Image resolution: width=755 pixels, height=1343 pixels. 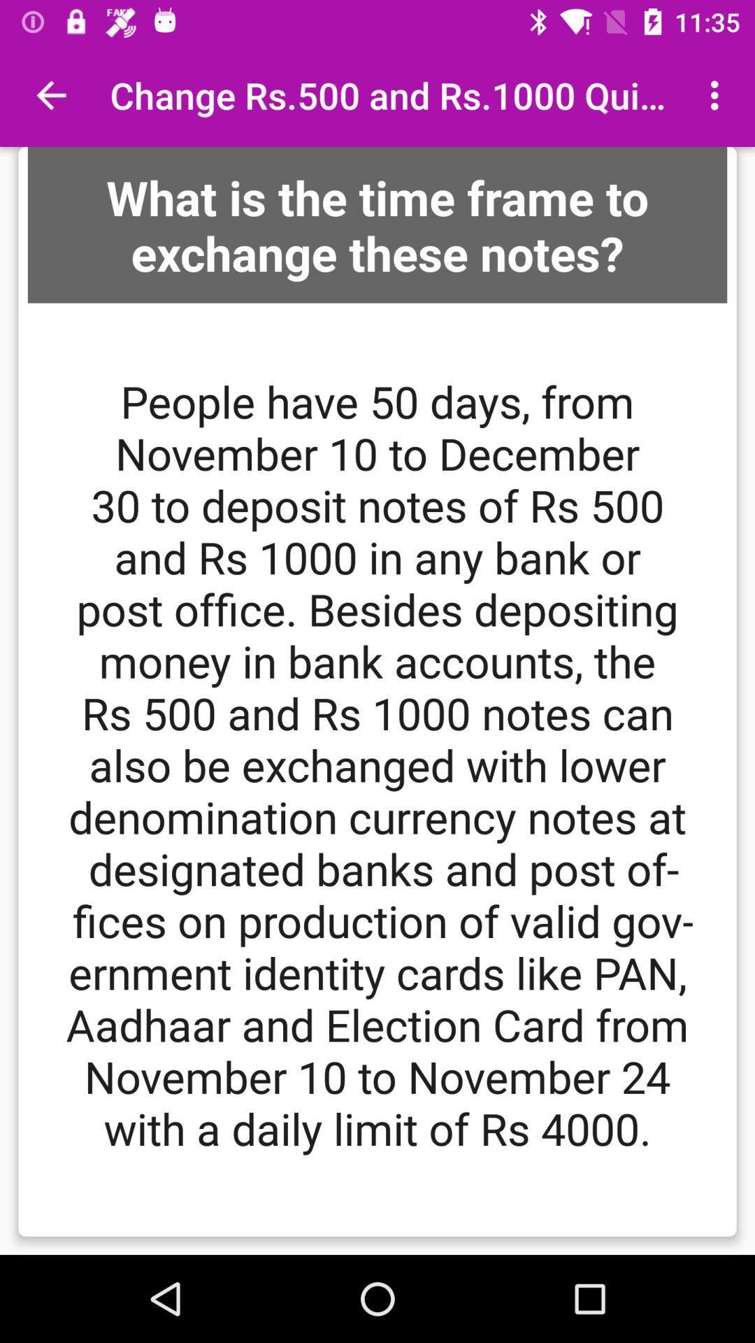 I want to click on the icon at the top right corner, so click(x=718, y=94).